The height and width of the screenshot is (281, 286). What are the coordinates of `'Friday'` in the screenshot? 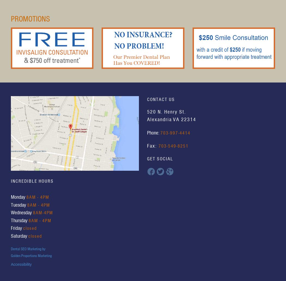 It's located at (17, 228).